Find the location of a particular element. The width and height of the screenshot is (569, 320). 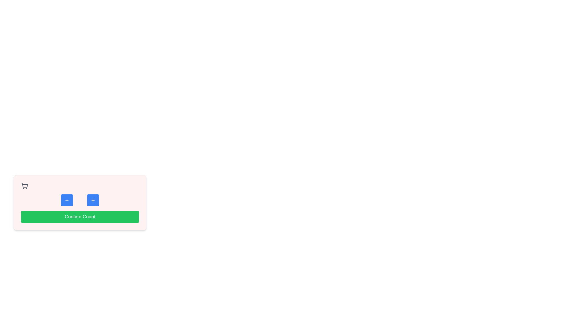

the increment button, which is the second button in a row layout, located to the right of a blue minus button and on the same row as a green 'Confirm Count' button is located at coordinates (92, 200).